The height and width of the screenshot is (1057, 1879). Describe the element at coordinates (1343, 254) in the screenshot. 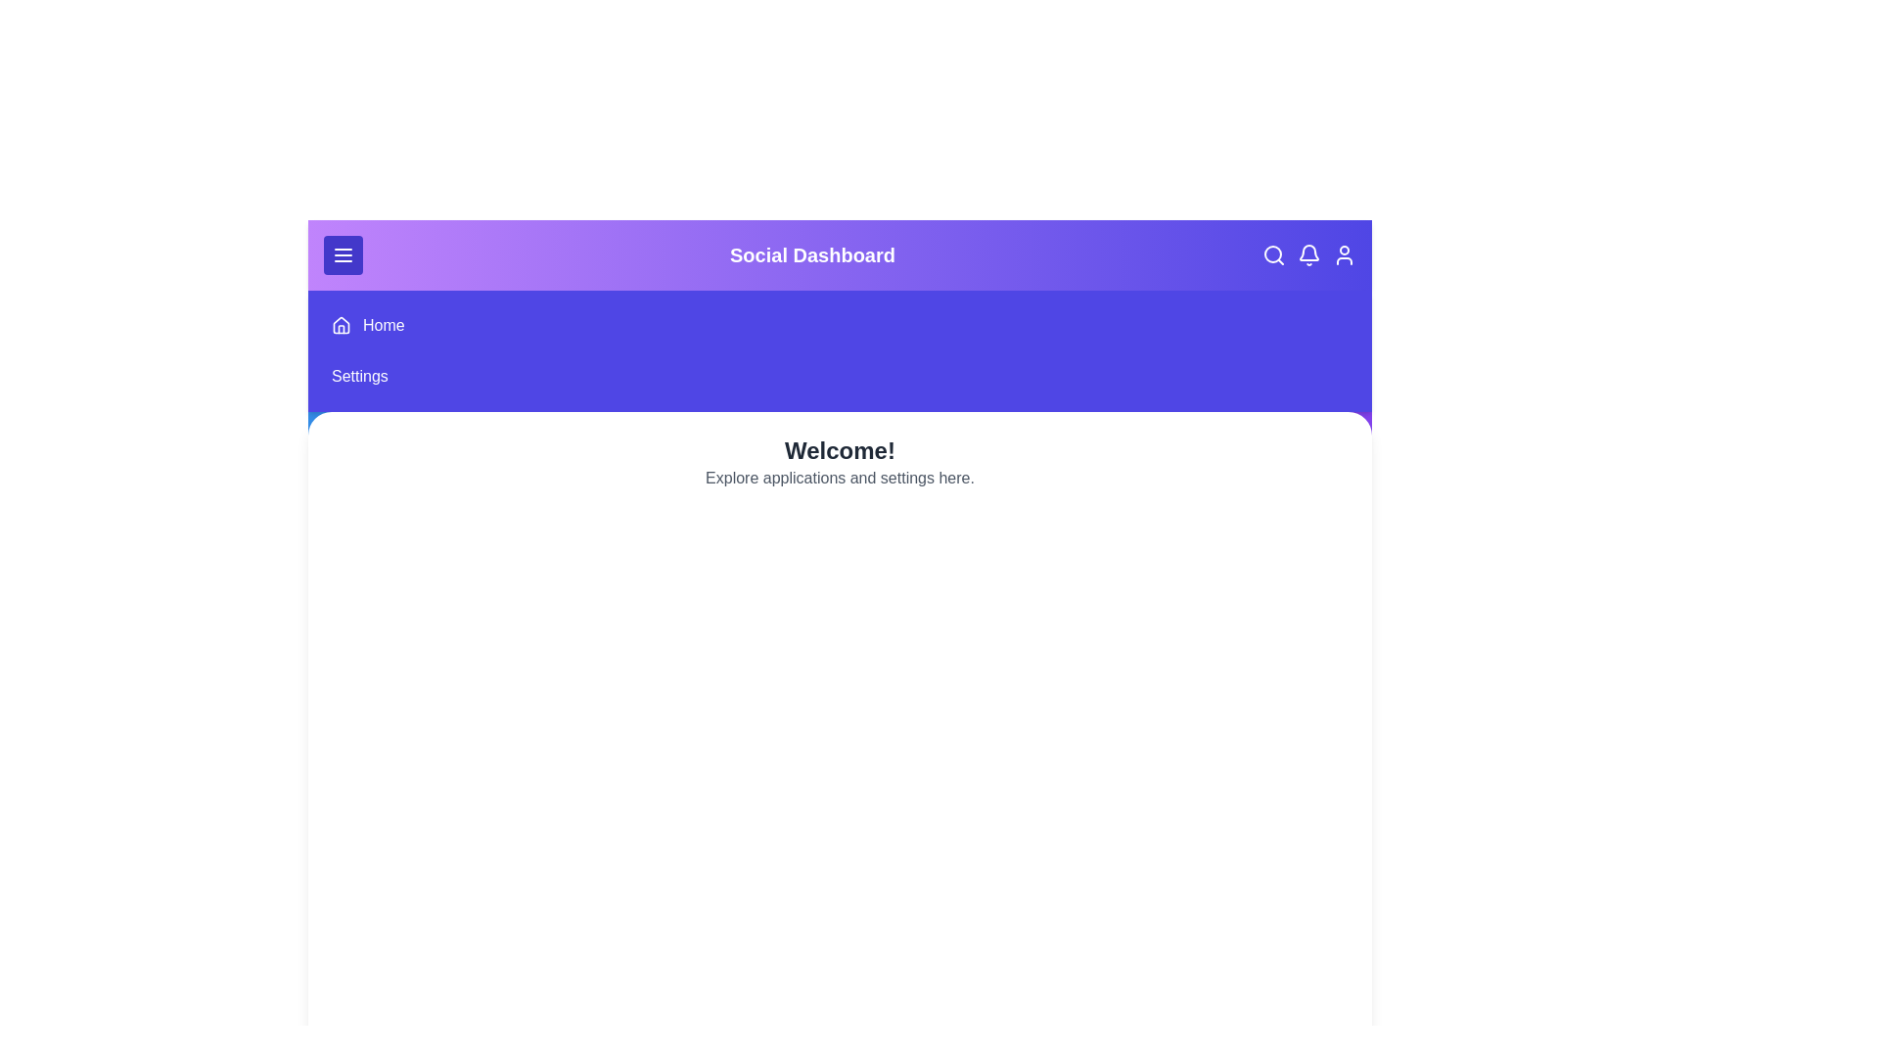

I see `the user icon in the app bar to view user profile options` at that location.